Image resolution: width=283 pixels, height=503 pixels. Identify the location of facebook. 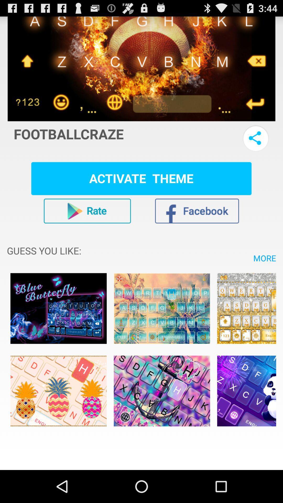
(197, 211).